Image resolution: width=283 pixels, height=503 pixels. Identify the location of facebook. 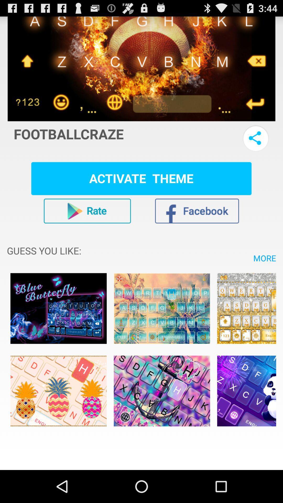
(197, 211).